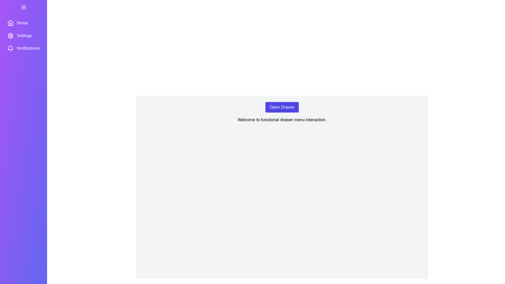 The width and height of the screenshot is (505, 284). What do you see at coordinates (23, 35) in the screenshot?
I see `the menu item Settings in the drawer` at bounding box center [23, 35].